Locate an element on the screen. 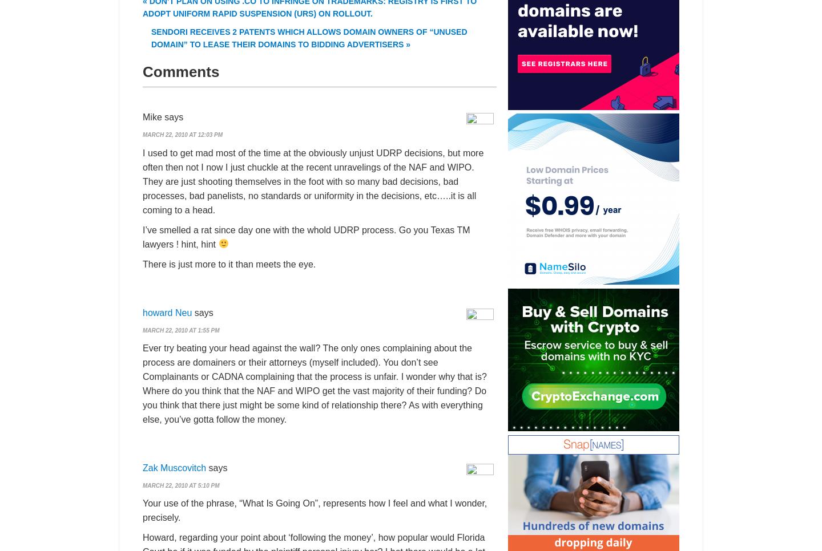 The width and height of the screenshot is (822, 551). 'Your use of the phrase, “What Is Going On”, represents how I feel and what I wonder, precisely.' is located at coordinates (142, 510).